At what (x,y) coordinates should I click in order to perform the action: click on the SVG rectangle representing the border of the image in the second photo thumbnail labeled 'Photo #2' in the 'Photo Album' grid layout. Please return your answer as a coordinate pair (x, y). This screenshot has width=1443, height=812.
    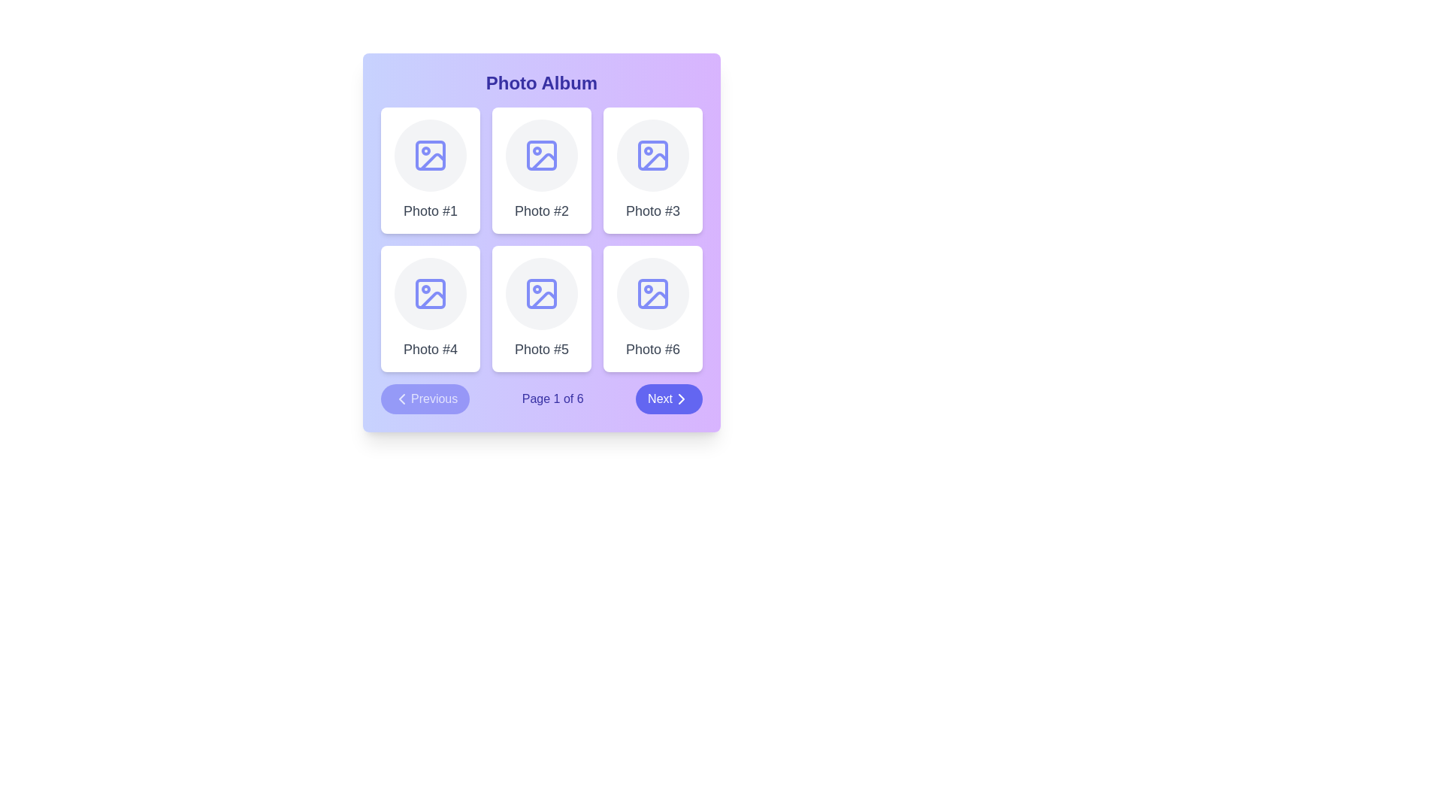
    Looking at the image, I should click on (541, 156).